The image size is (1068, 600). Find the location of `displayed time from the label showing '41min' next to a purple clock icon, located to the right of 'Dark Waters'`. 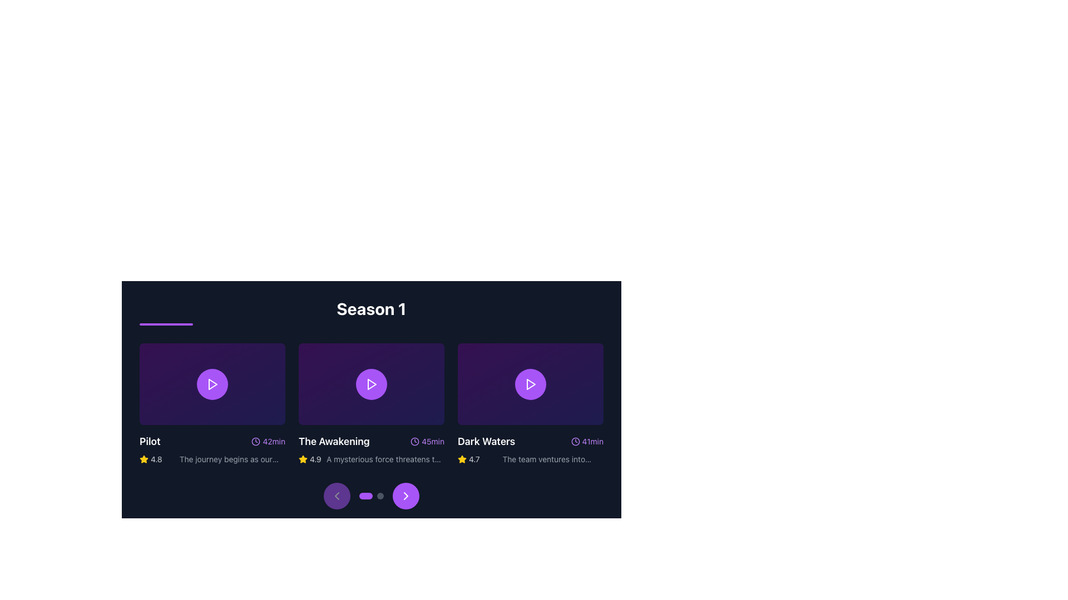

displayed time from the label showing '41min' next to a purple clock icon, located to the right of 'Dark Waters' is located at coordinates (586, 441).